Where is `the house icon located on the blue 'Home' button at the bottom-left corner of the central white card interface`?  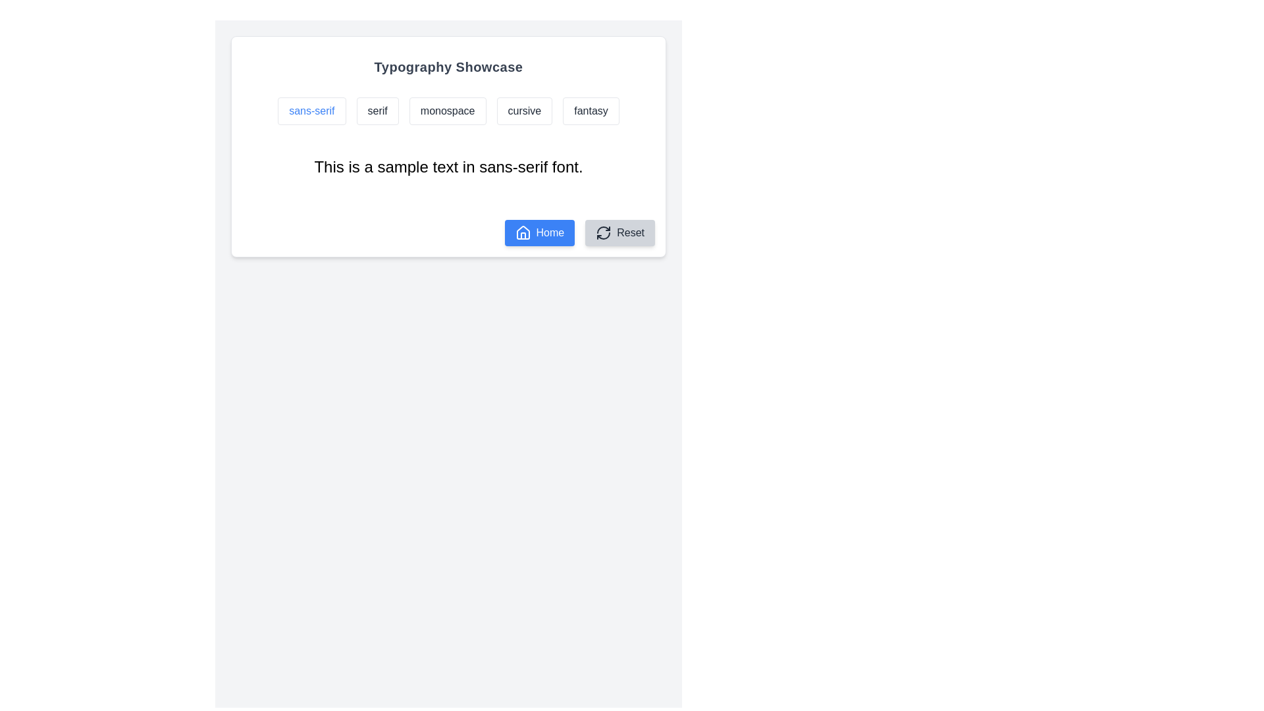
the house icon located on the blue 'Home' button at the bottom-left corner of the central white card interface is located at coordinates (522, 232).